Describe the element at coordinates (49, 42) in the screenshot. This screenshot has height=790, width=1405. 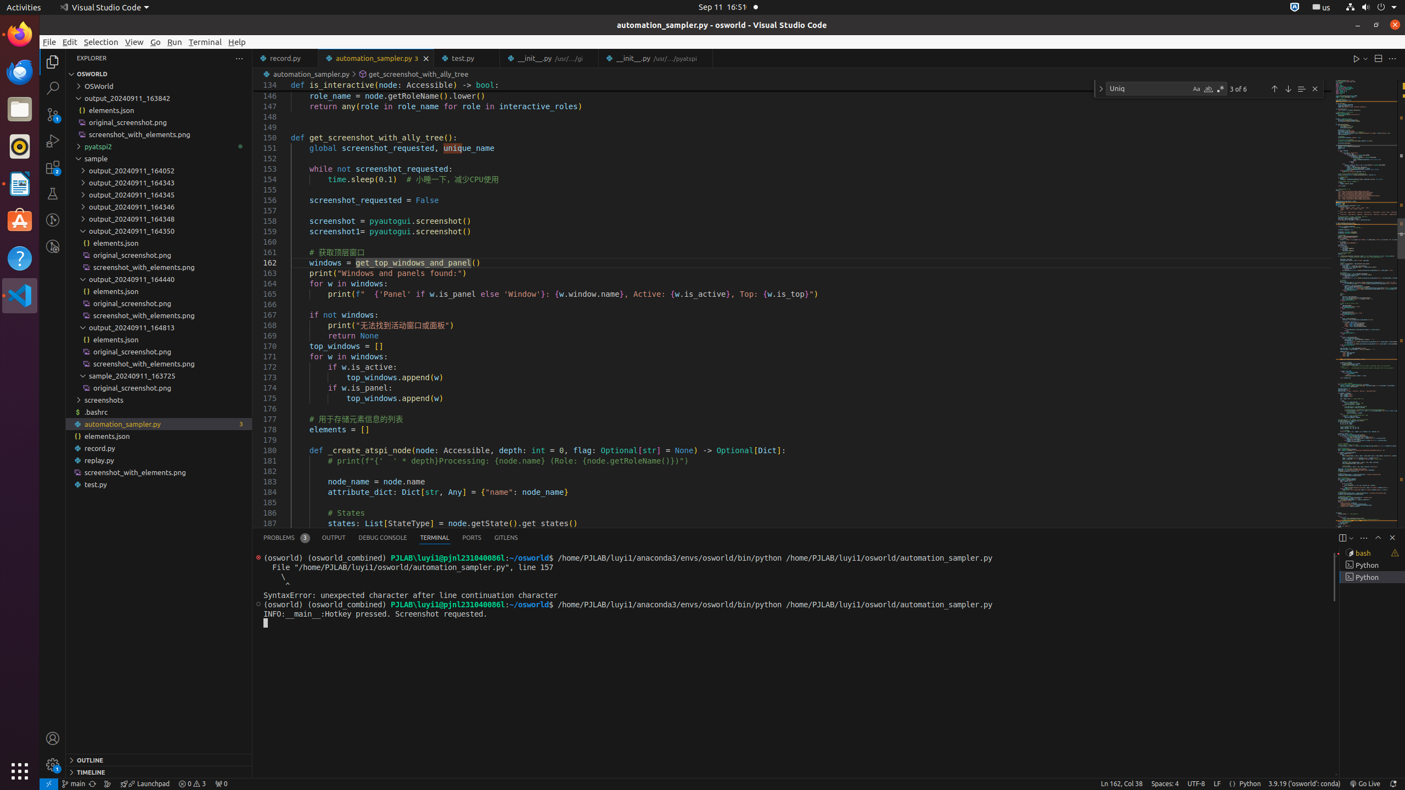
I see `'File'` at that location.